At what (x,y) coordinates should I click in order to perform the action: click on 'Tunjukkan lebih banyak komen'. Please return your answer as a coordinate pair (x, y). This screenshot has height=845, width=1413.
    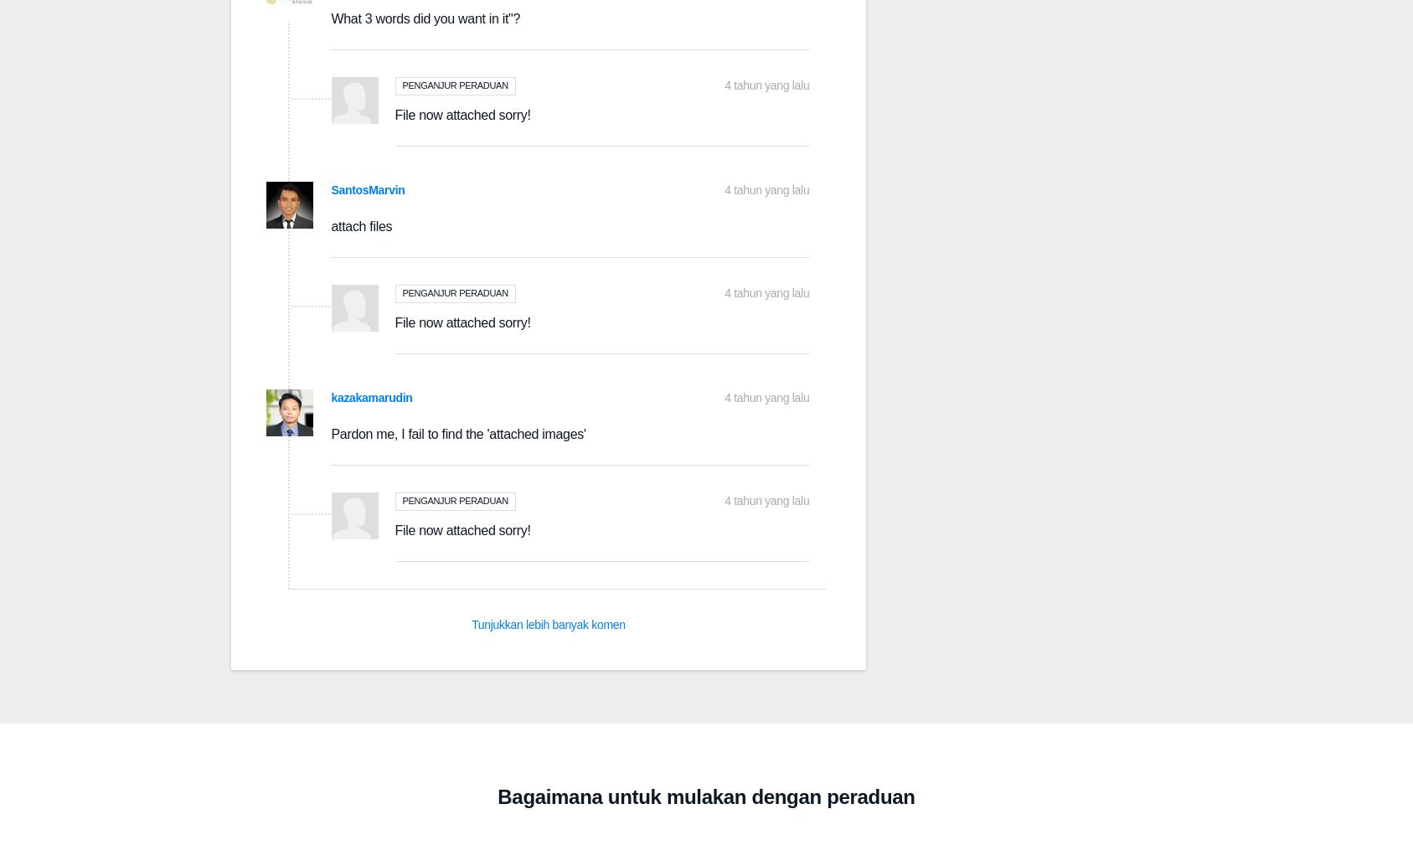
    Looking at the image, I should click on (548, 624).